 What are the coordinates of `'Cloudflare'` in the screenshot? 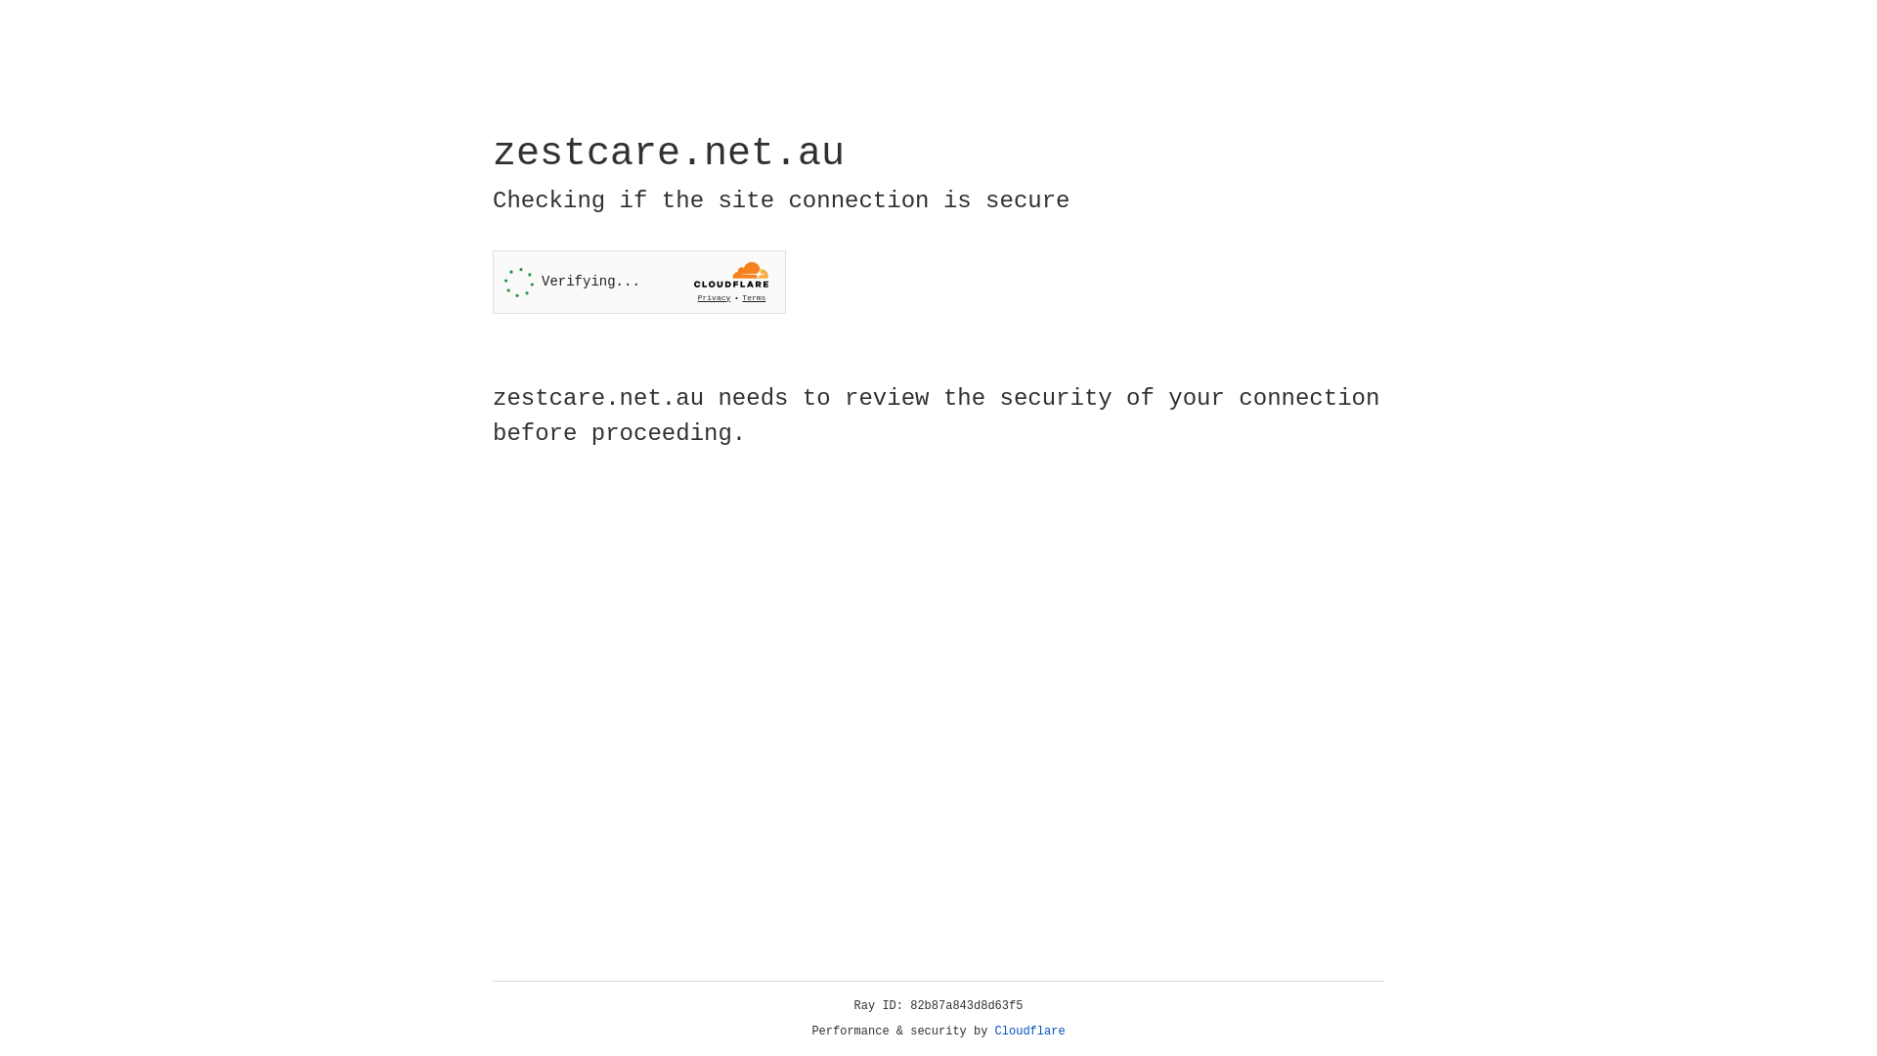 It's located at (1029, 1031).